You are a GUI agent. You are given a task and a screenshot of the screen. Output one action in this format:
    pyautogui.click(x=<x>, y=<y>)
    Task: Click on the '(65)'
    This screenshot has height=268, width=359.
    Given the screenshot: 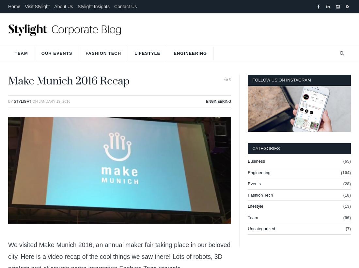 What is the action you would take?
    pyautogui.click(x=347, y=161)
    